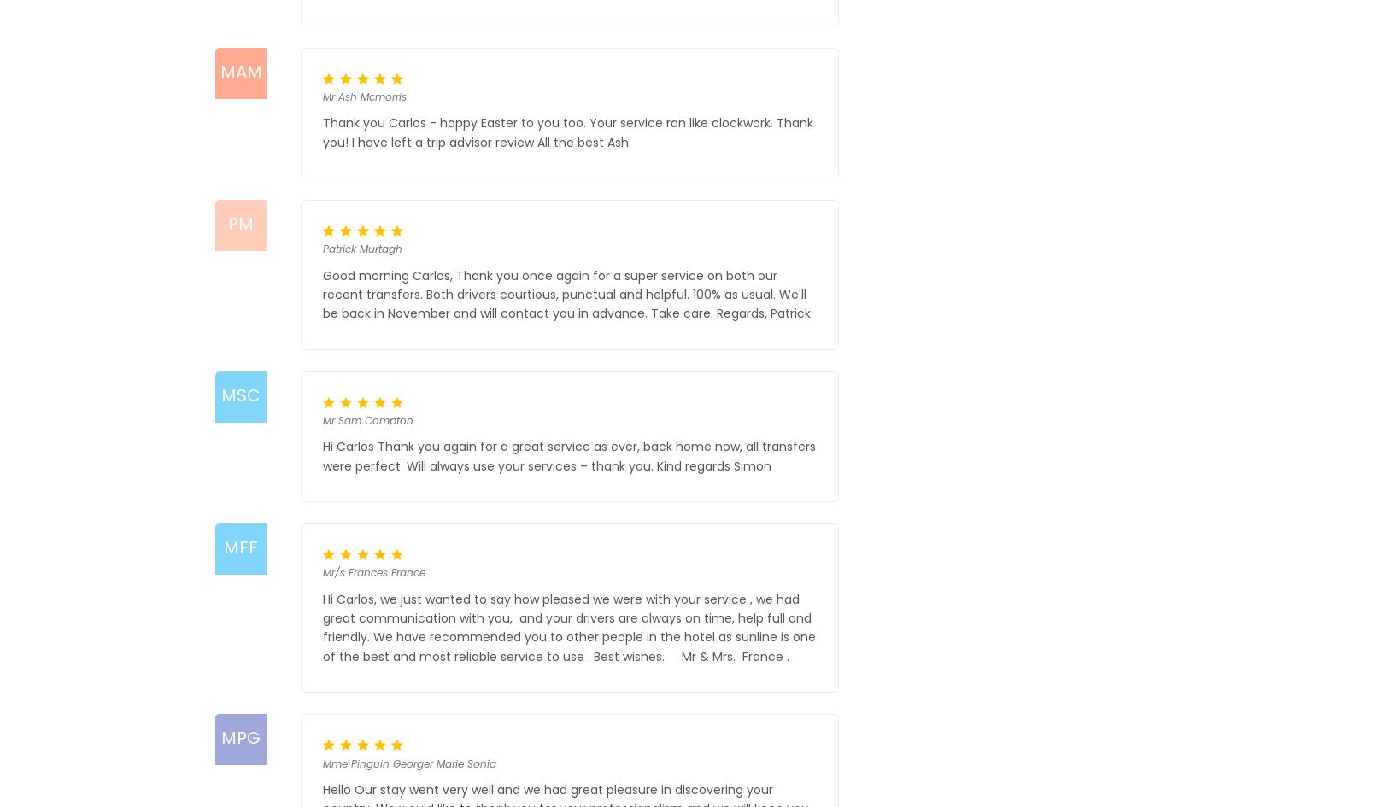  Describe the element at coordinates (366, 419) in the screenshot. I see `'Mr Sam Compton'` at that location.